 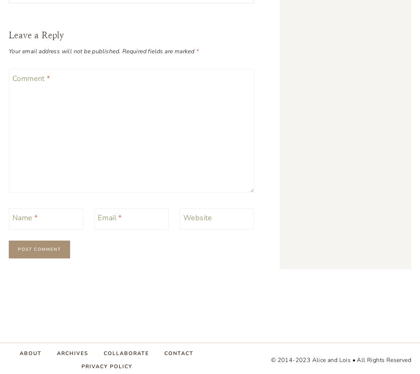 I want to click on 'About', so click(x=30, y=353).